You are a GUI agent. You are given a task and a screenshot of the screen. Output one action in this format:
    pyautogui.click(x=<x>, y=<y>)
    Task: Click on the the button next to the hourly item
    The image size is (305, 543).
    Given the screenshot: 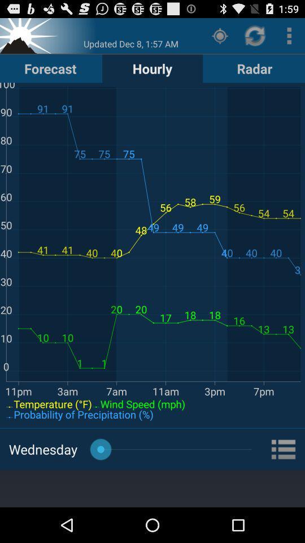 What is the action you would take?
    pyautogui.click(x=50, y=68)
    